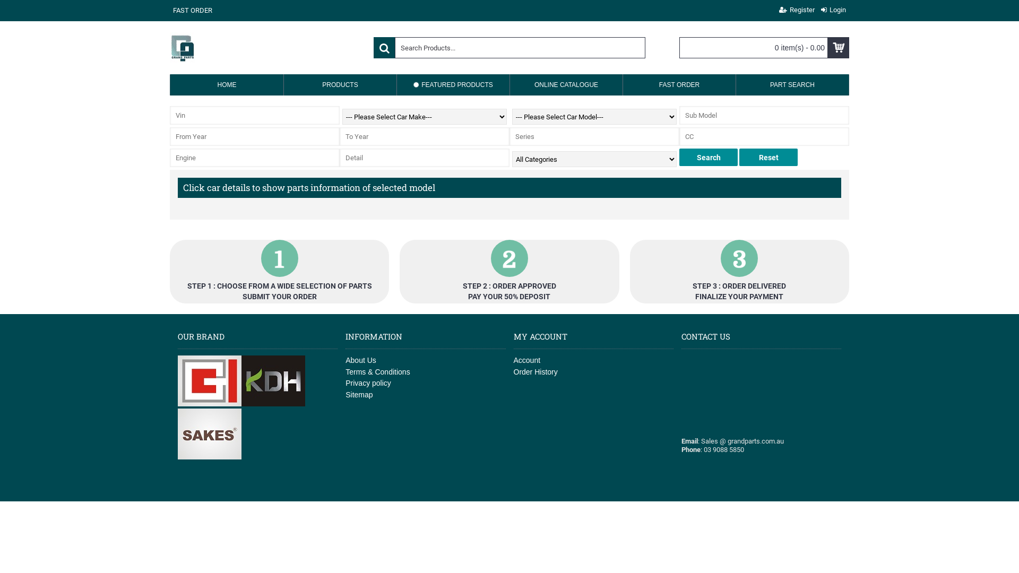  I want to click on 'GRAND PARTS PTY LTD', so click(183, 48).